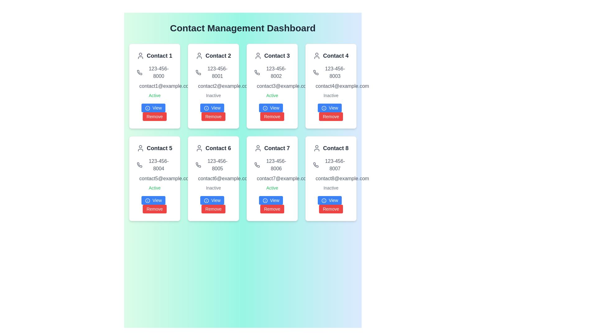 Image resolution: width=597 pixels, height=335 pixels. I want to click on the text label displaying 'Active', which is styled in green and located within the card for 'Contact 3', positioned below the email 'contact3@example.com' and above the buttons 'View' and 'Remove', so click(272, 96).